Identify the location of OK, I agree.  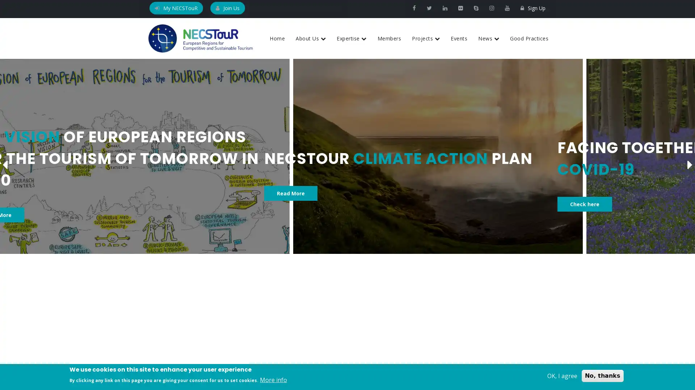
(562, 376).